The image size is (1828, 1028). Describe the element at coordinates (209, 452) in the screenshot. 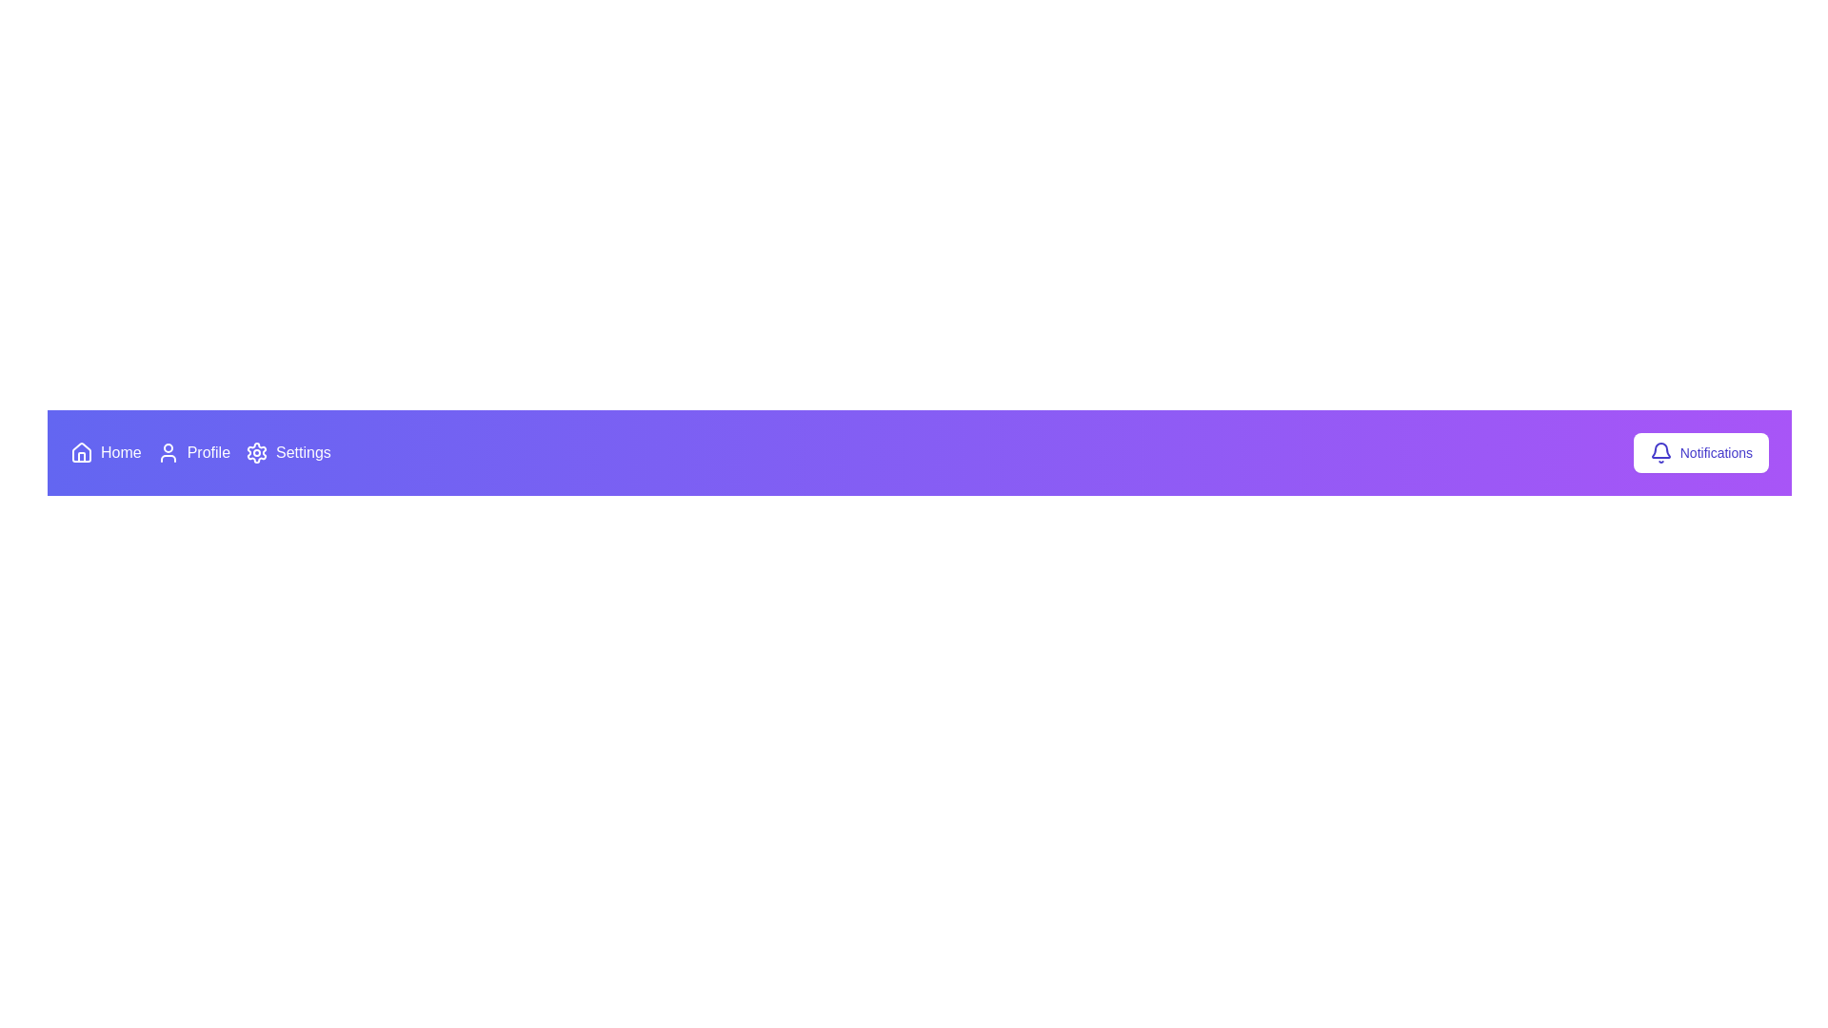

I see `text label for the 'Profile' section located in the navigation bar, positioned to the right of the user profile icon and left of the gear icon` at that location.